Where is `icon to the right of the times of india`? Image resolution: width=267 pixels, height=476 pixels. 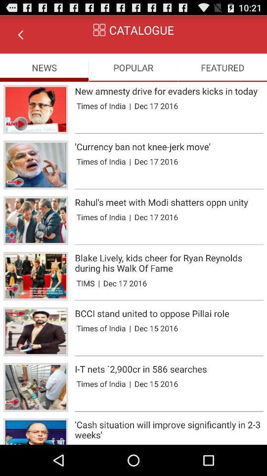
icon to the right of the times of india is located at coordinates (130, 217).